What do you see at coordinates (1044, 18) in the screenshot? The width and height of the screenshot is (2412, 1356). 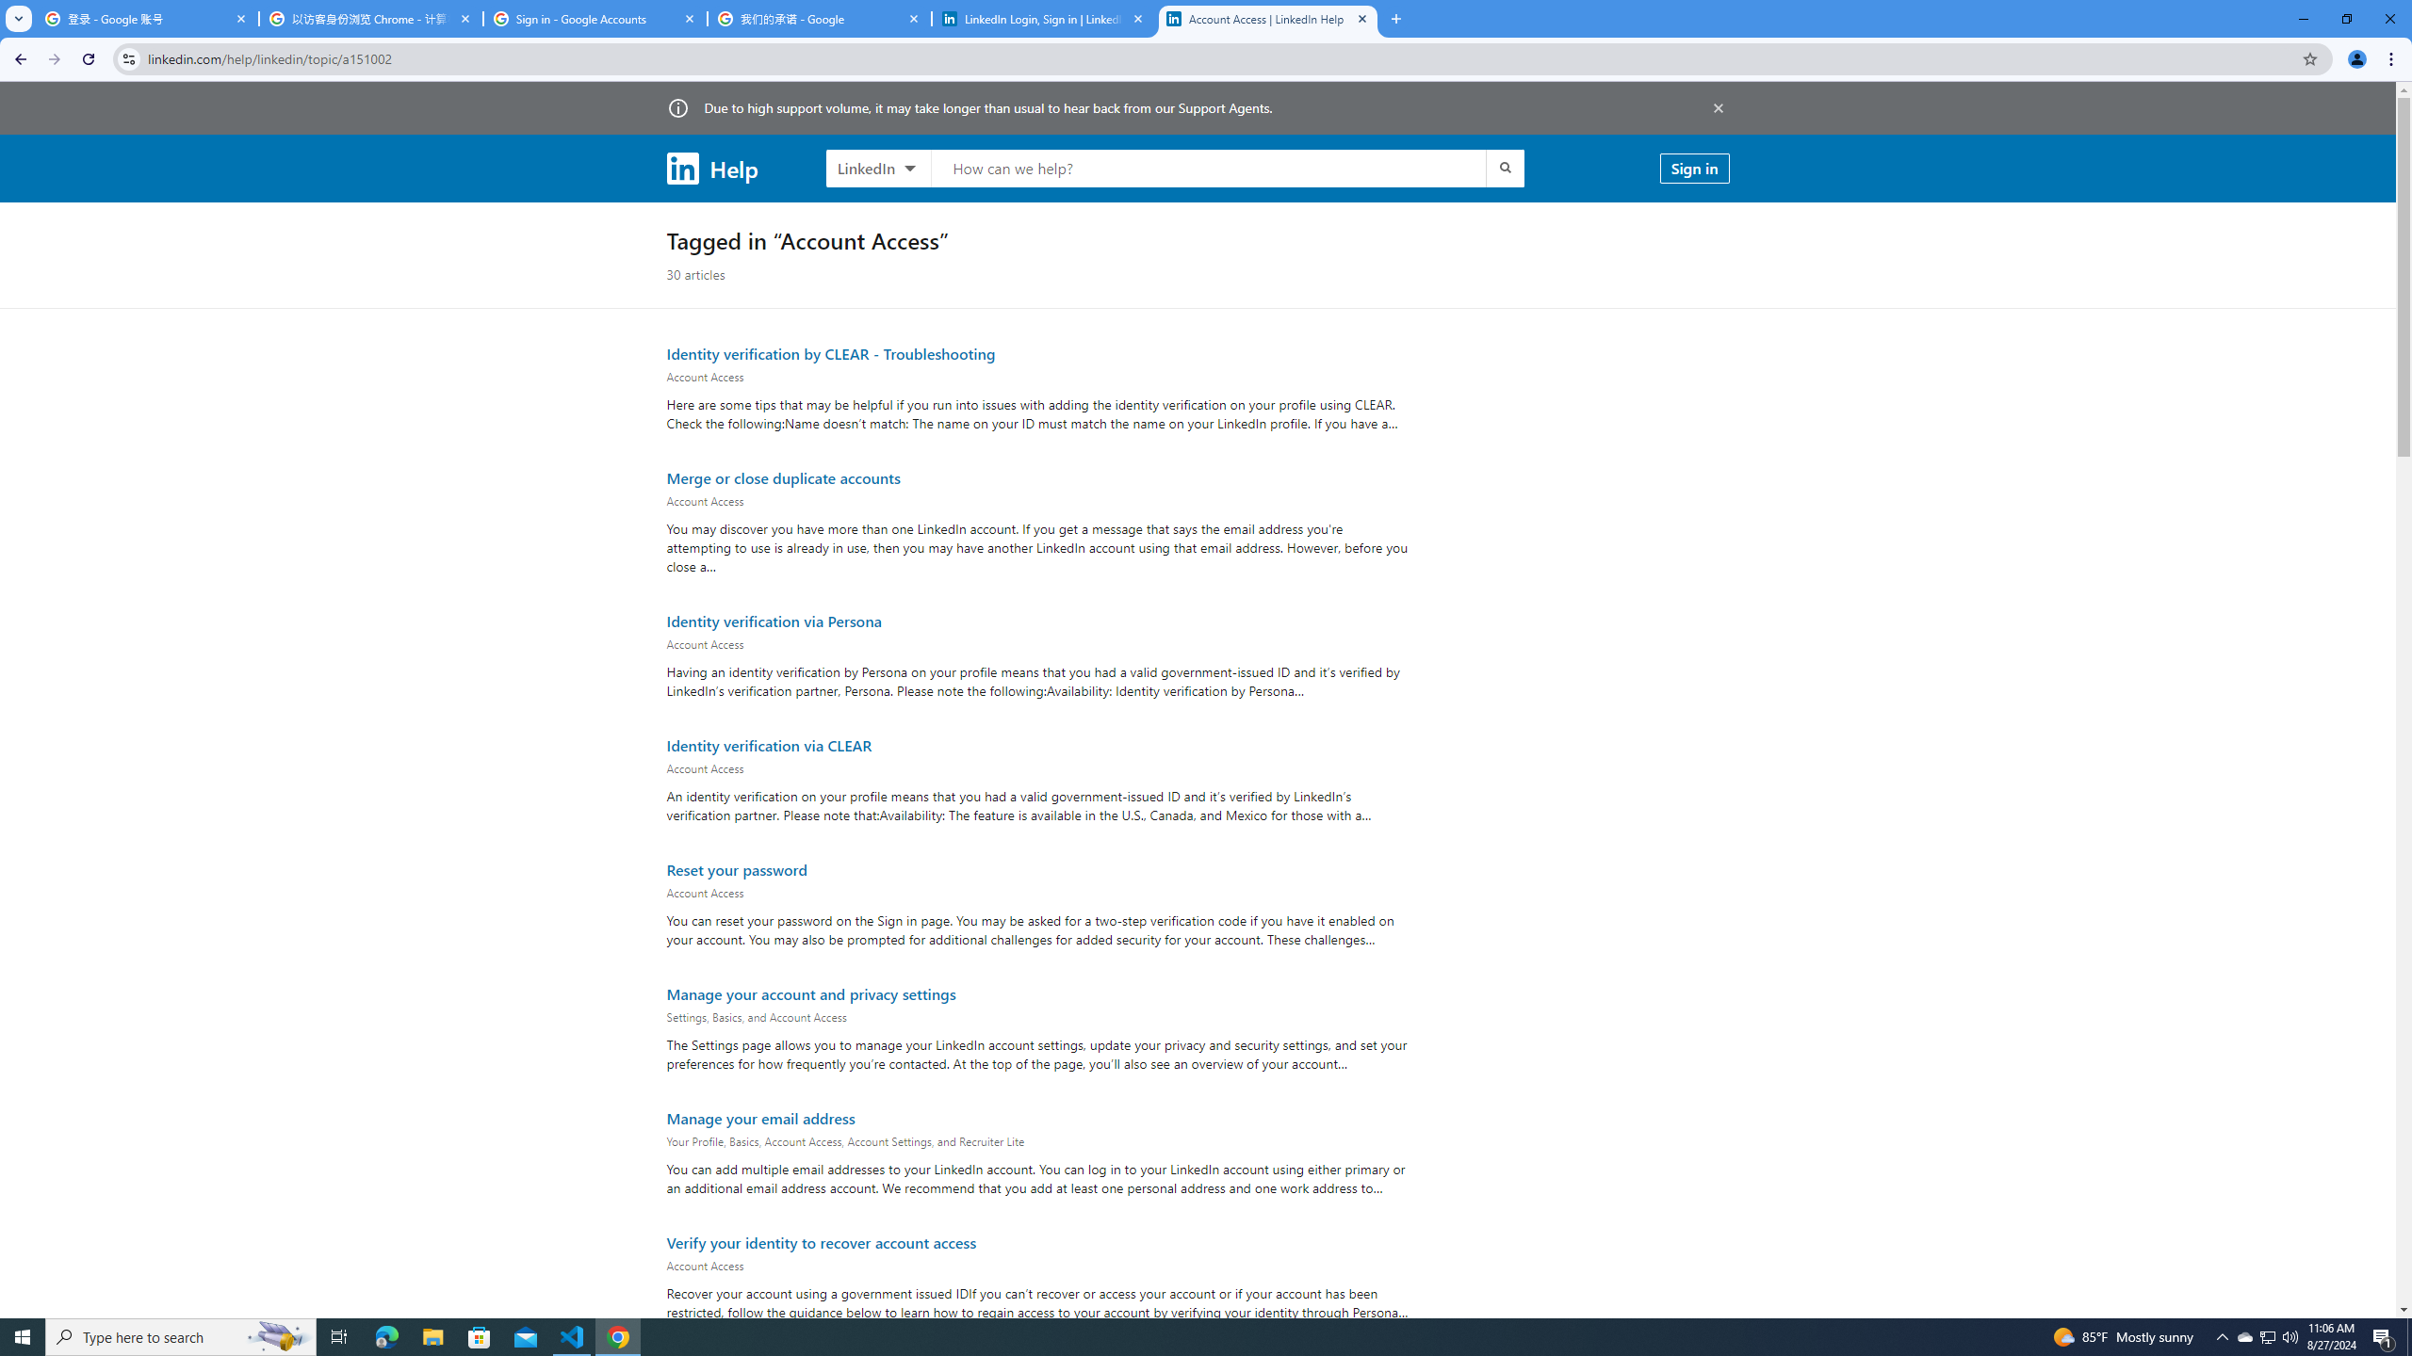 I see `'LinkedIn Login, Sign in | LinkedIn'` at bounding box center [1044, 18].